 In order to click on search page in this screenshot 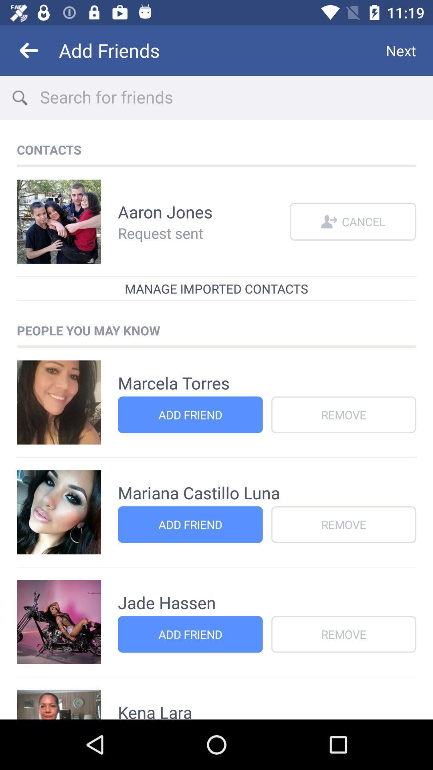, I will do `click(236, 97)`.